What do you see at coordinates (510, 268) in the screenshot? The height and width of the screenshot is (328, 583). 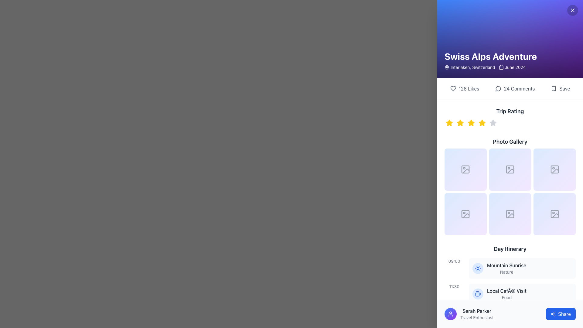 I see `the first activity entry in the Day Itinerary section` at bounding box center [510, 268].